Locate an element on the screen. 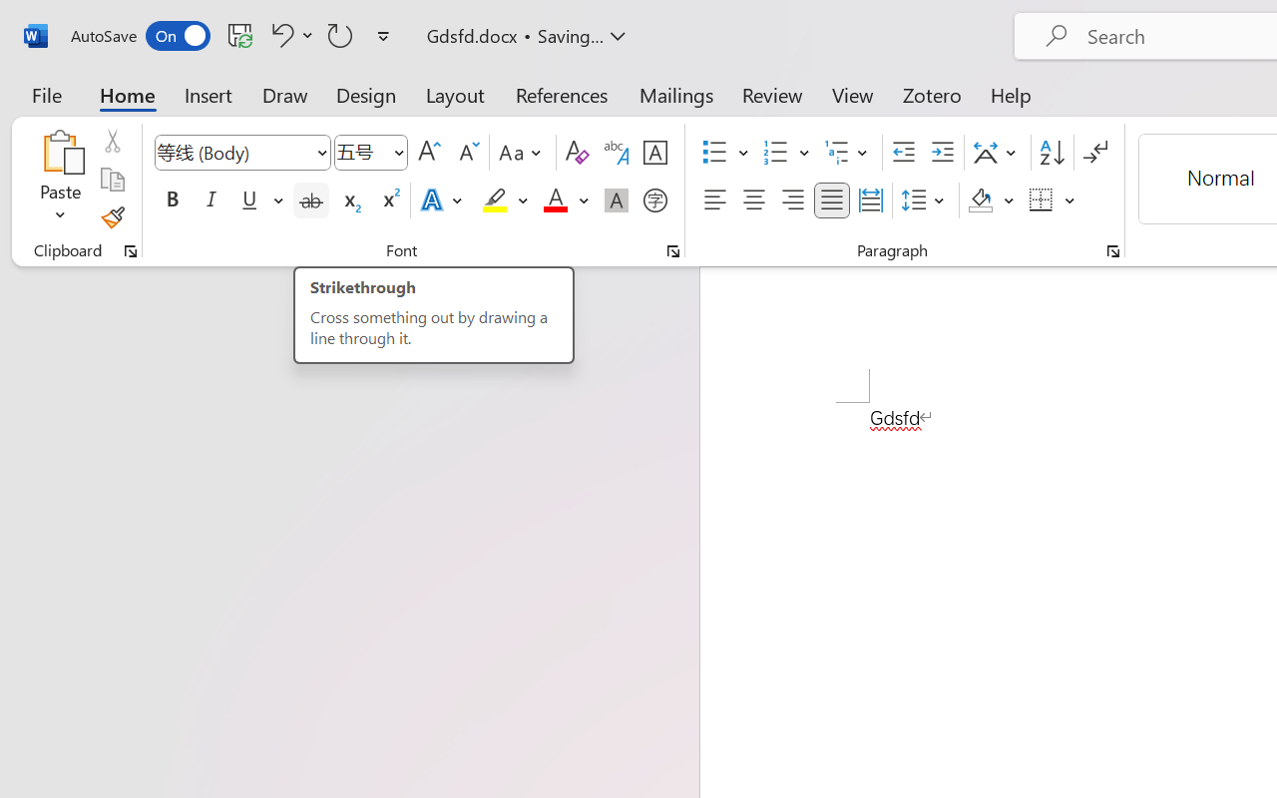 This screenshot has width=1277, height=798. 'Strikethrough' is located at coordinates (310, 200).